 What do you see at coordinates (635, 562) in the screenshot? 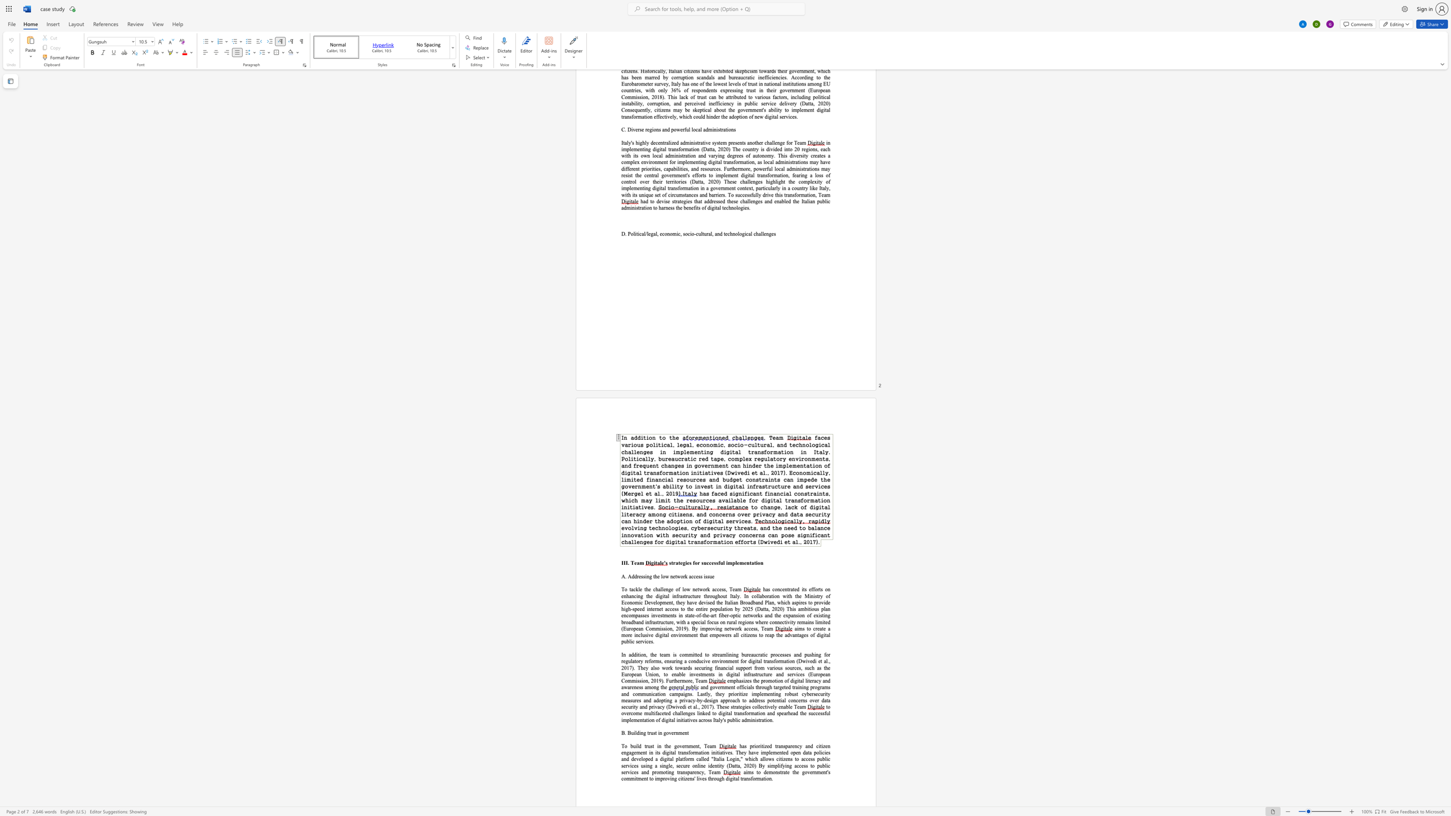
I see `the 1th character "e" in the text` at bounding box center [635, 562].